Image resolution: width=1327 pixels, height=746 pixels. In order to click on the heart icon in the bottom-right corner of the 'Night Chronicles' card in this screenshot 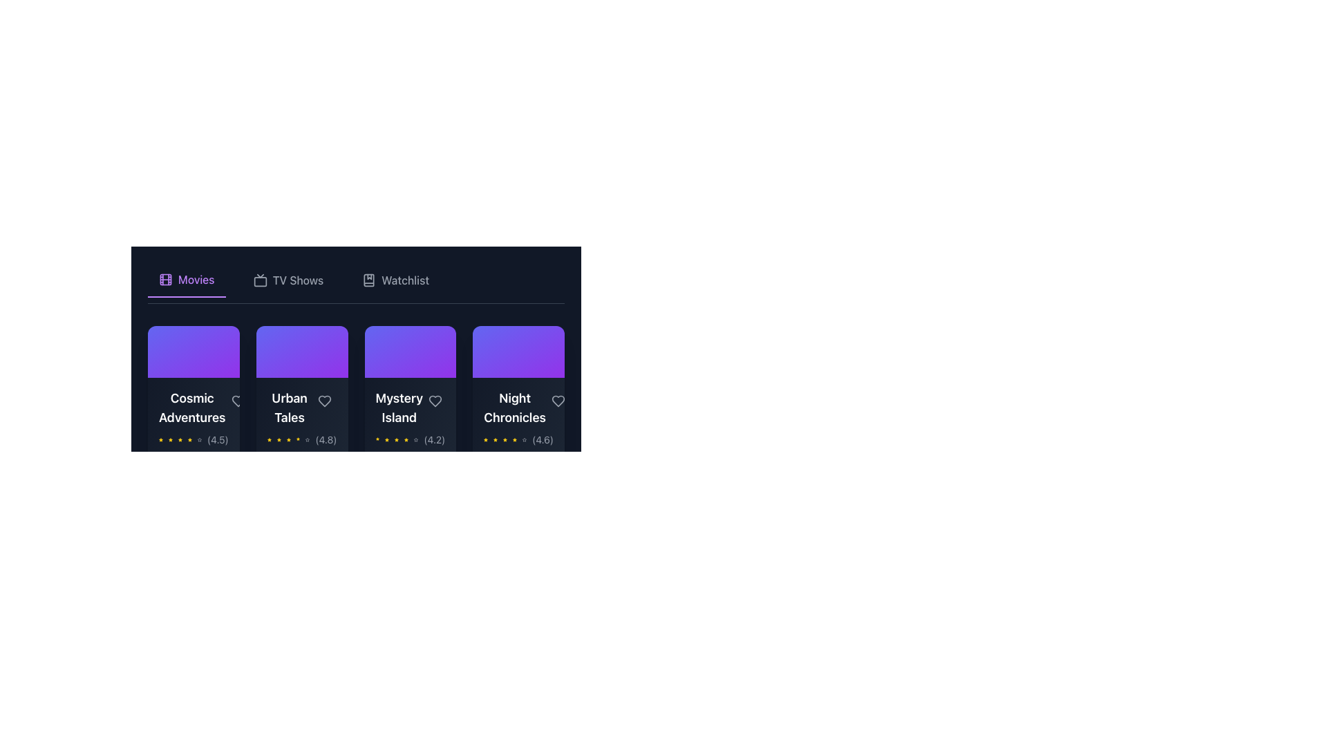, I will do `click(558, 401)`.